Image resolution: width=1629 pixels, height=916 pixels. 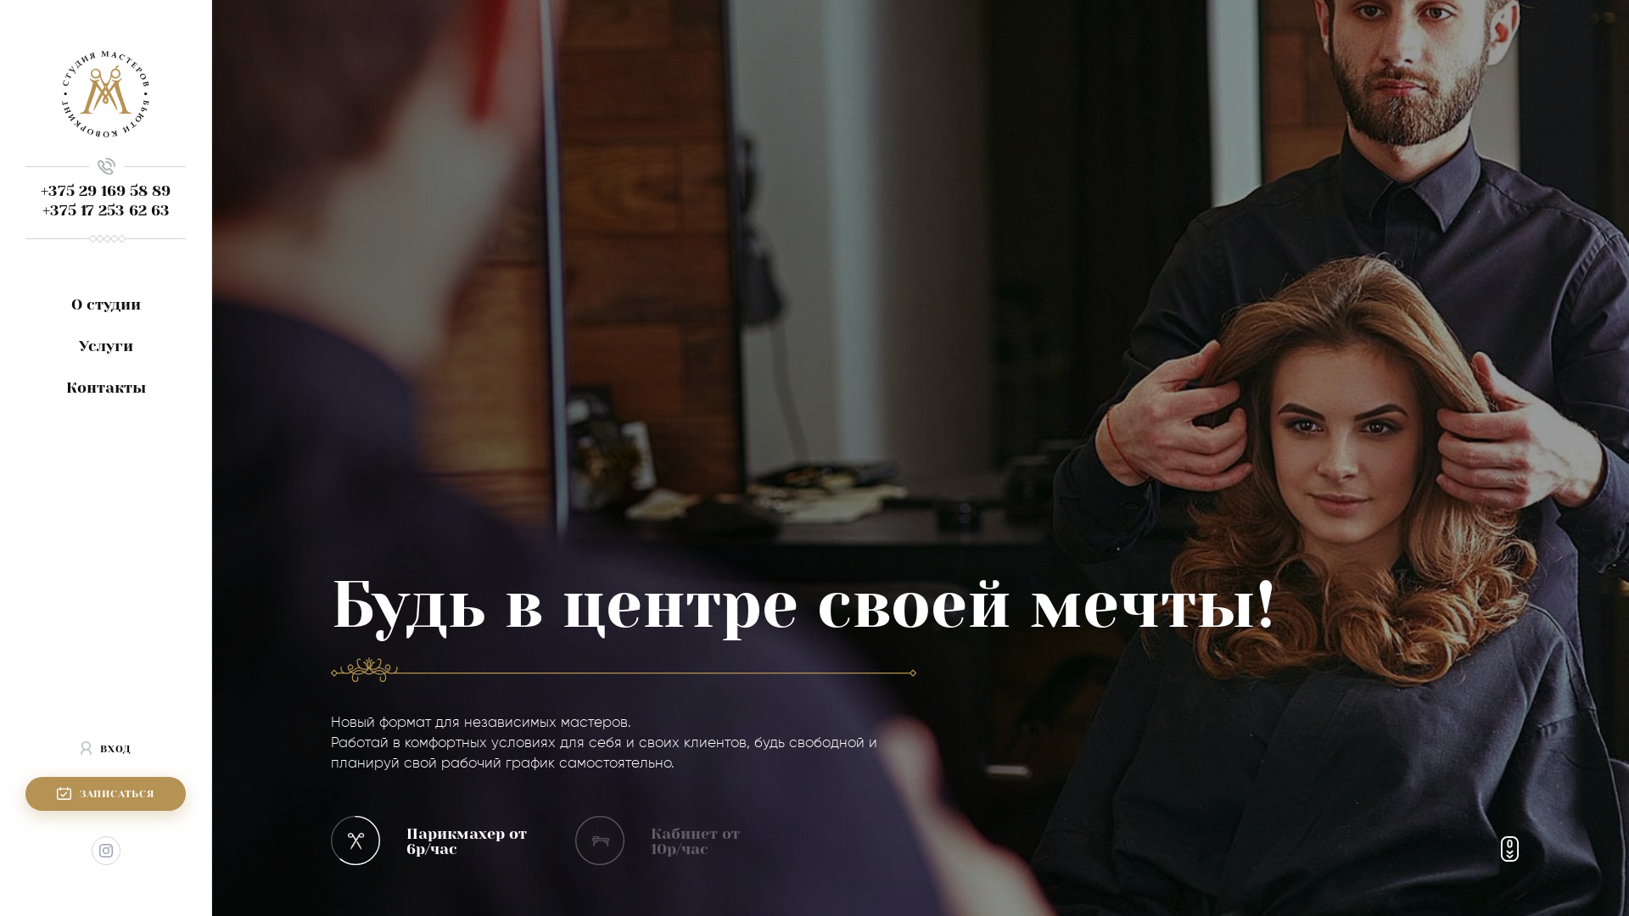 What do you see at coordinates (104, 209) in the screenshot?
I see `'+375 17 253 62 63'` at bounding box center [104, 209].